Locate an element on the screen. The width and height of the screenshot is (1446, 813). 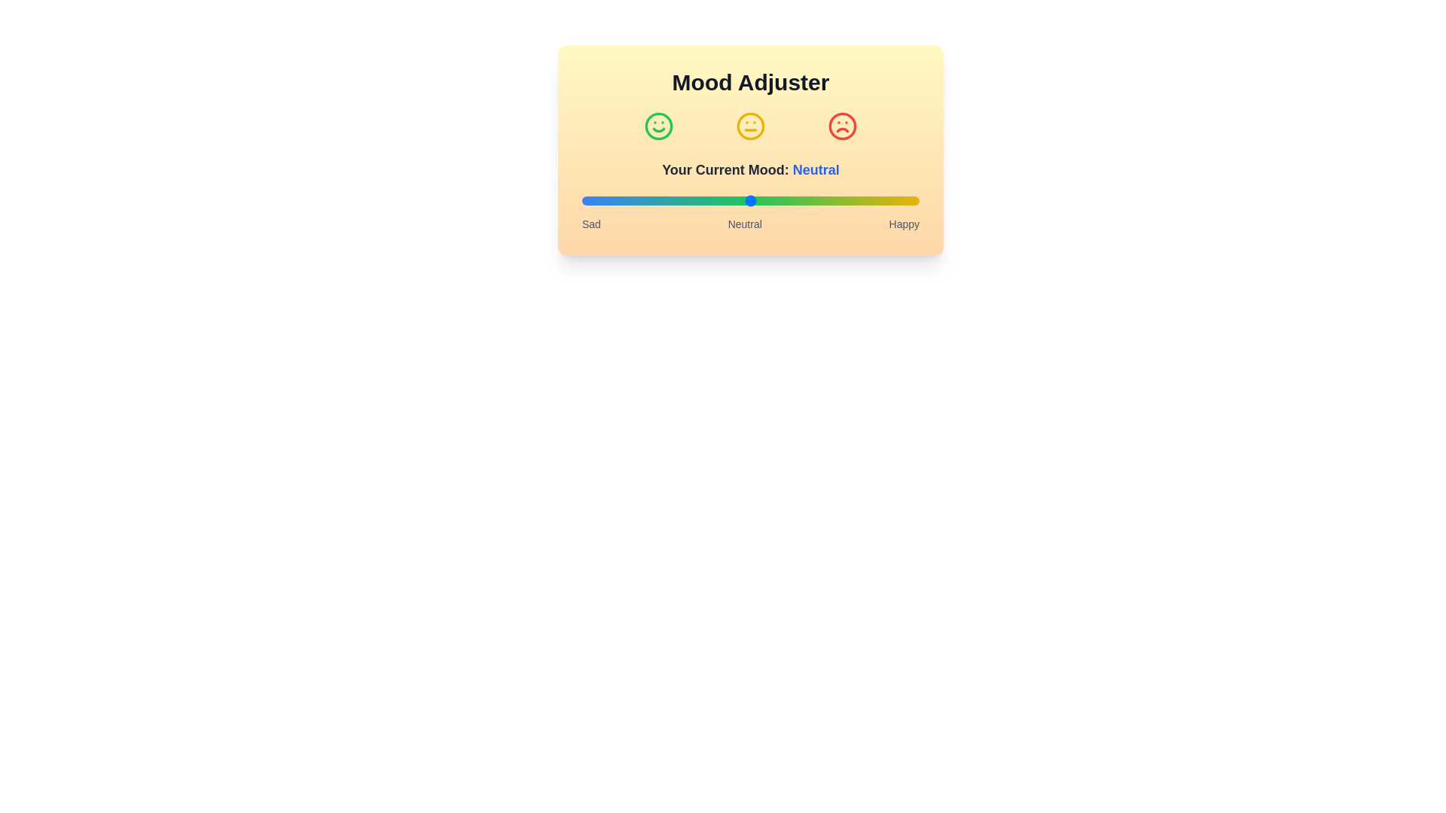
the mood slider to the desired level 35 is located at coordinates (699, 199).